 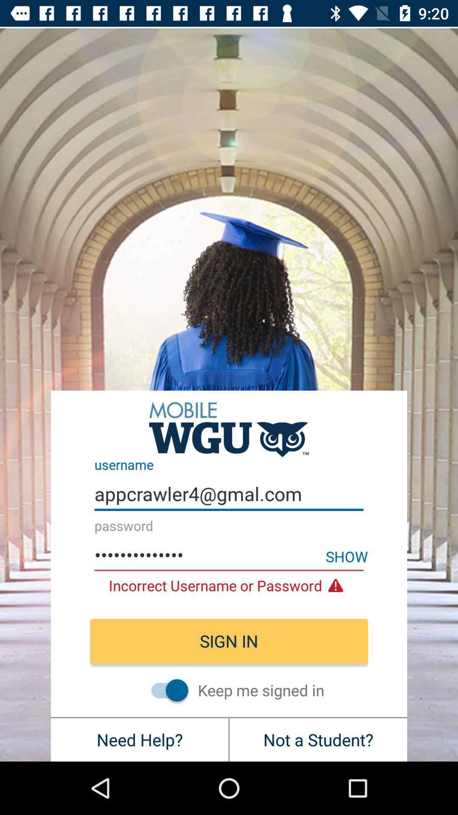 What do you see at coordinates (139, 739) in the screenshot?
I see `need help? item` at bounding box center [139, 739].